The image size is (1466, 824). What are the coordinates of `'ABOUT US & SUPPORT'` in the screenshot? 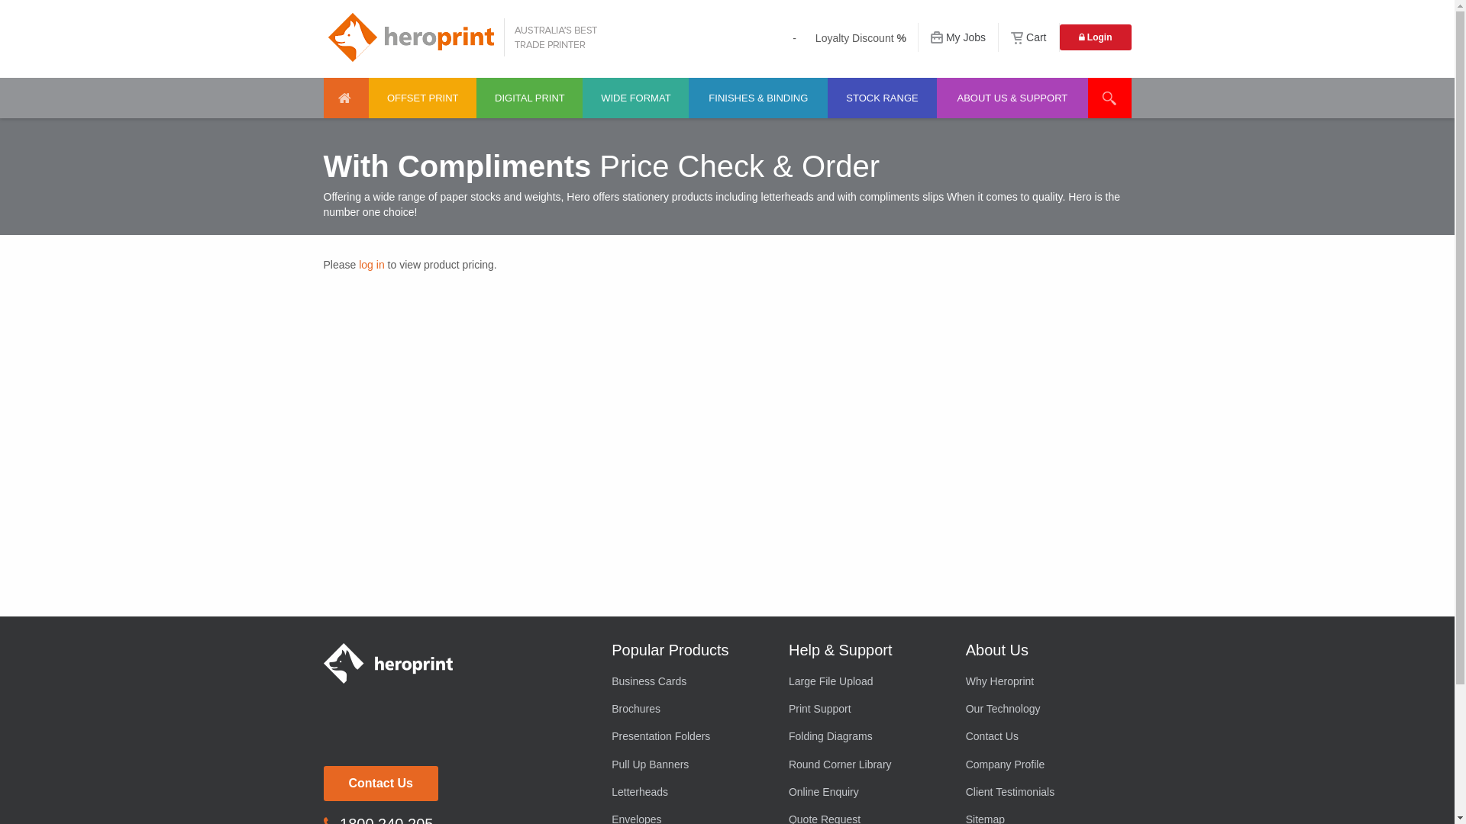 It's located at (1012, 97).